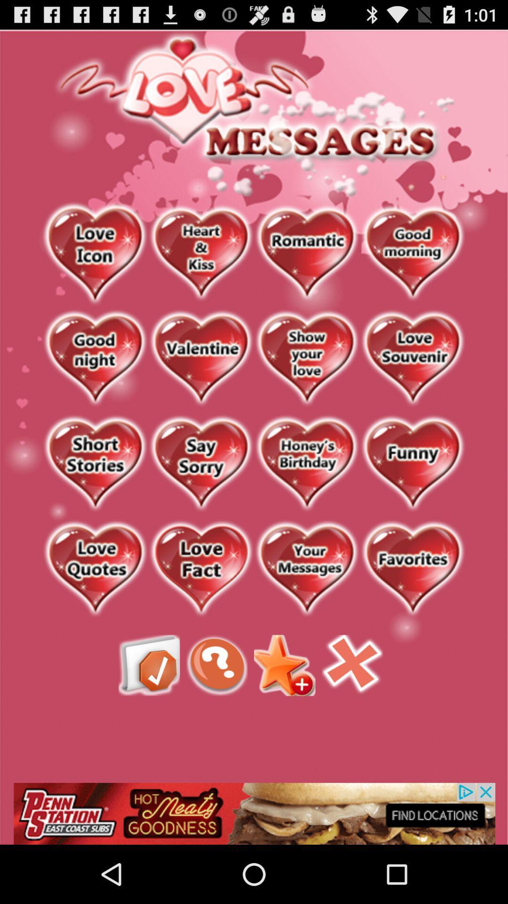  I want to click on helf feeback, so click(217, 665).